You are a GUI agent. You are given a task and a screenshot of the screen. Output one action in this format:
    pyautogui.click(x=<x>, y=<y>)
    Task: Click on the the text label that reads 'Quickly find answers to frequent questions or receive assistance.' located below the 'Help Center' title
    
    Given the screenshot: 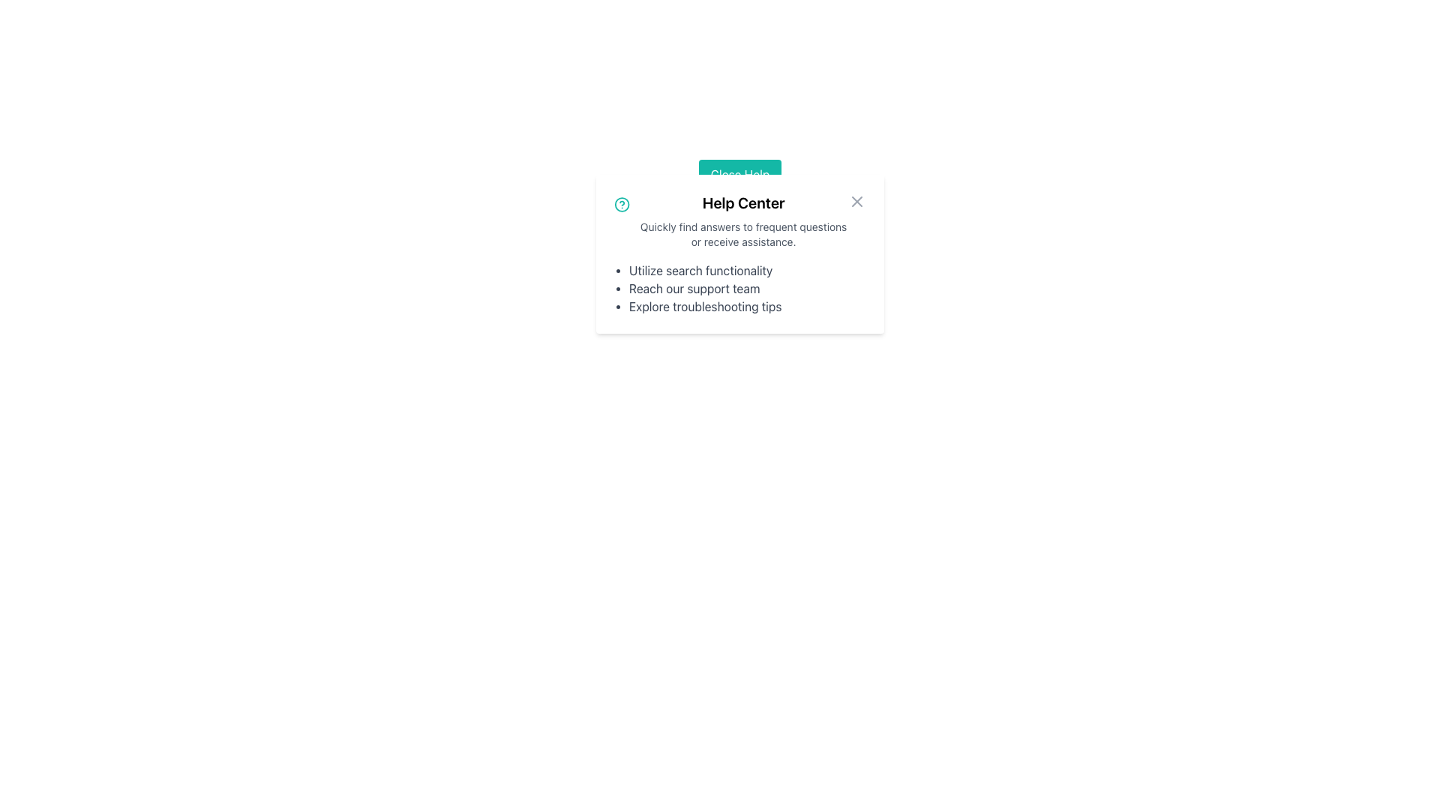 What is the action you would take?
    pyautogui.click(x=743, y=234)
    